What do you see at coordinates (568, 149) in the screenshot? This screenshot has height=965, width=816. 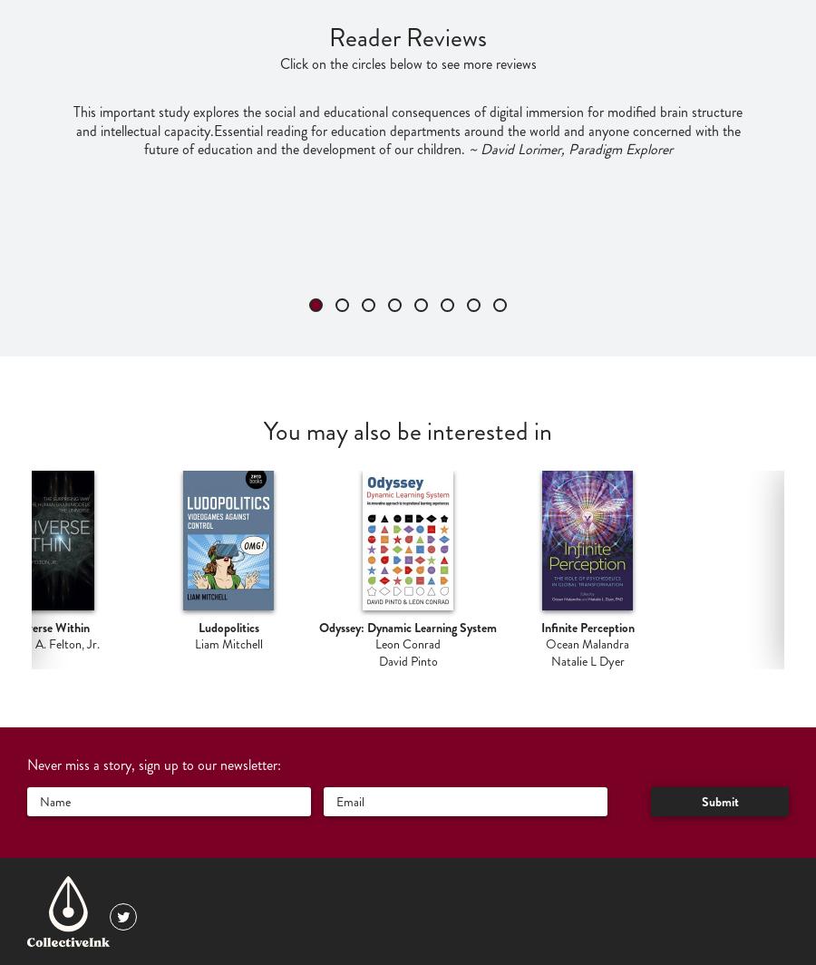 I see `'~ David Lorimer, Paradigm Explorer'` at bounding box center [568, 149].